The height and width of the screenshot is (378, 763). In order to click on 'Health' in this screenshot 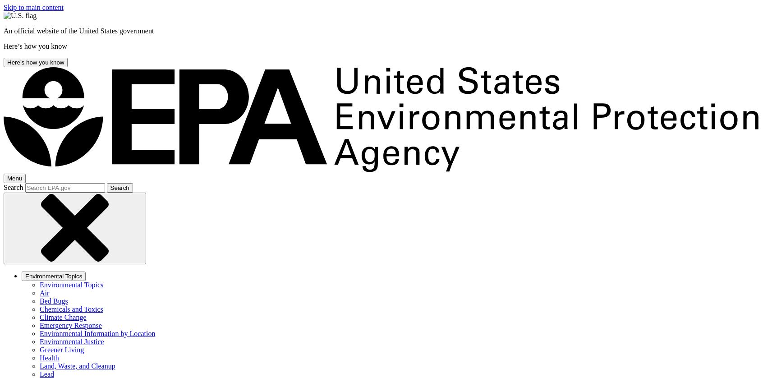, I will do `click(49, 357)`.